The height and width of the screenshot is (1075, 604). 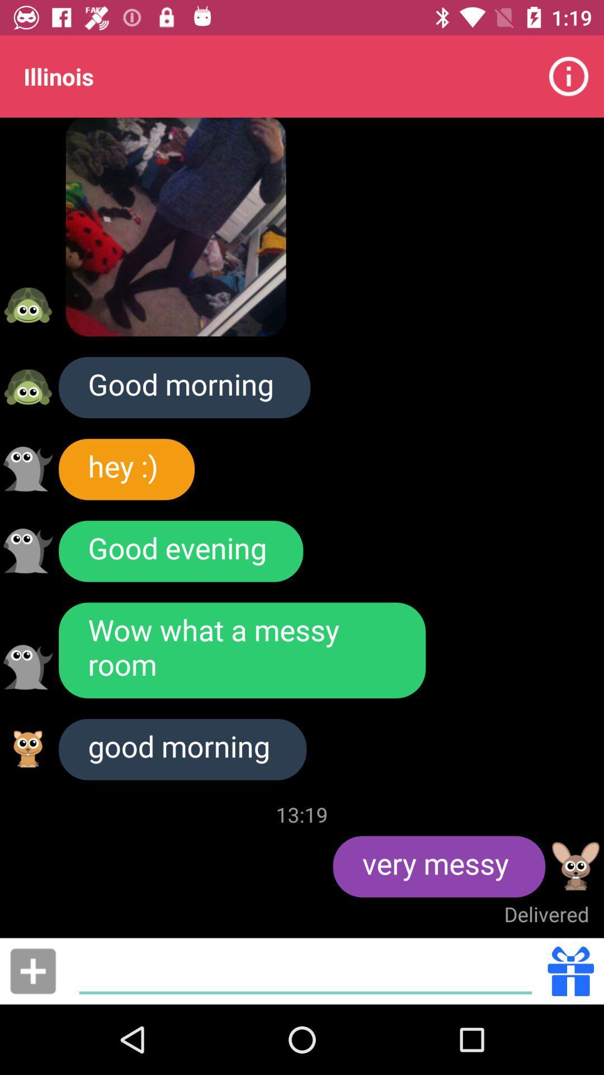 I want to click on the item to the right of 13:19 icon, so click(x=438, y=866).